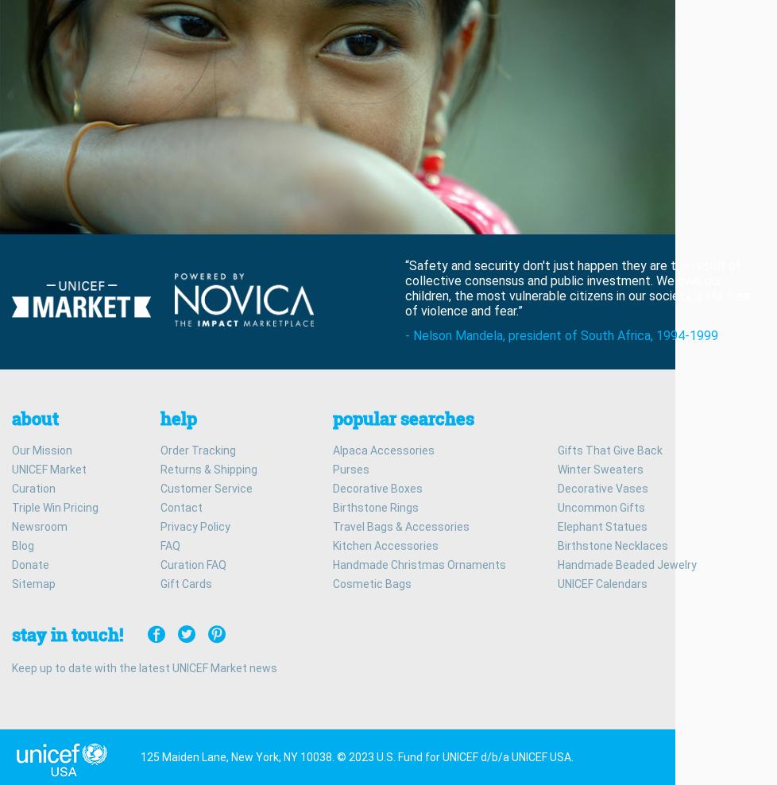 Image resolution: width=777 pixels, height=785 pixels. I want to click on 'Curation FAQ', so click(193, 563).